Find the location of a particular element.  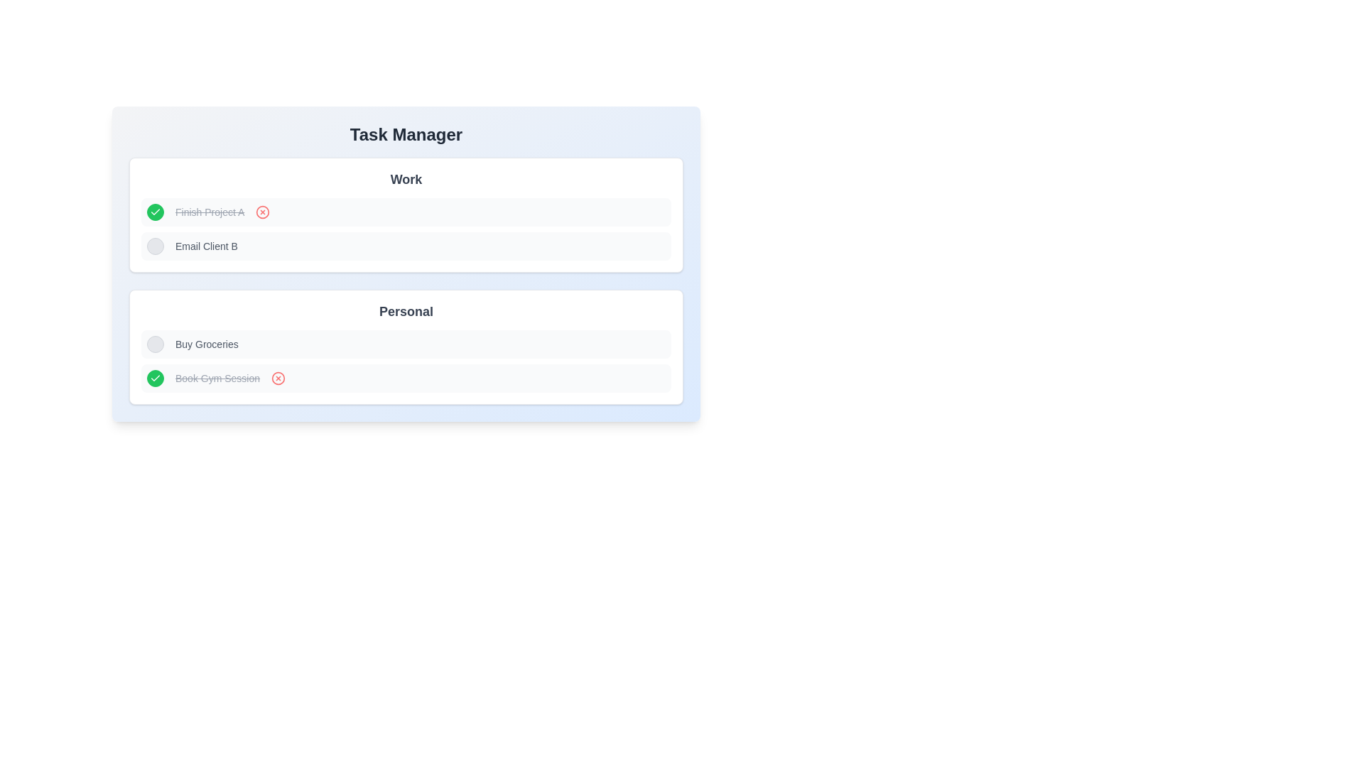

the checkmark icon in the 'Work' section is located at coordinates (156, 377).